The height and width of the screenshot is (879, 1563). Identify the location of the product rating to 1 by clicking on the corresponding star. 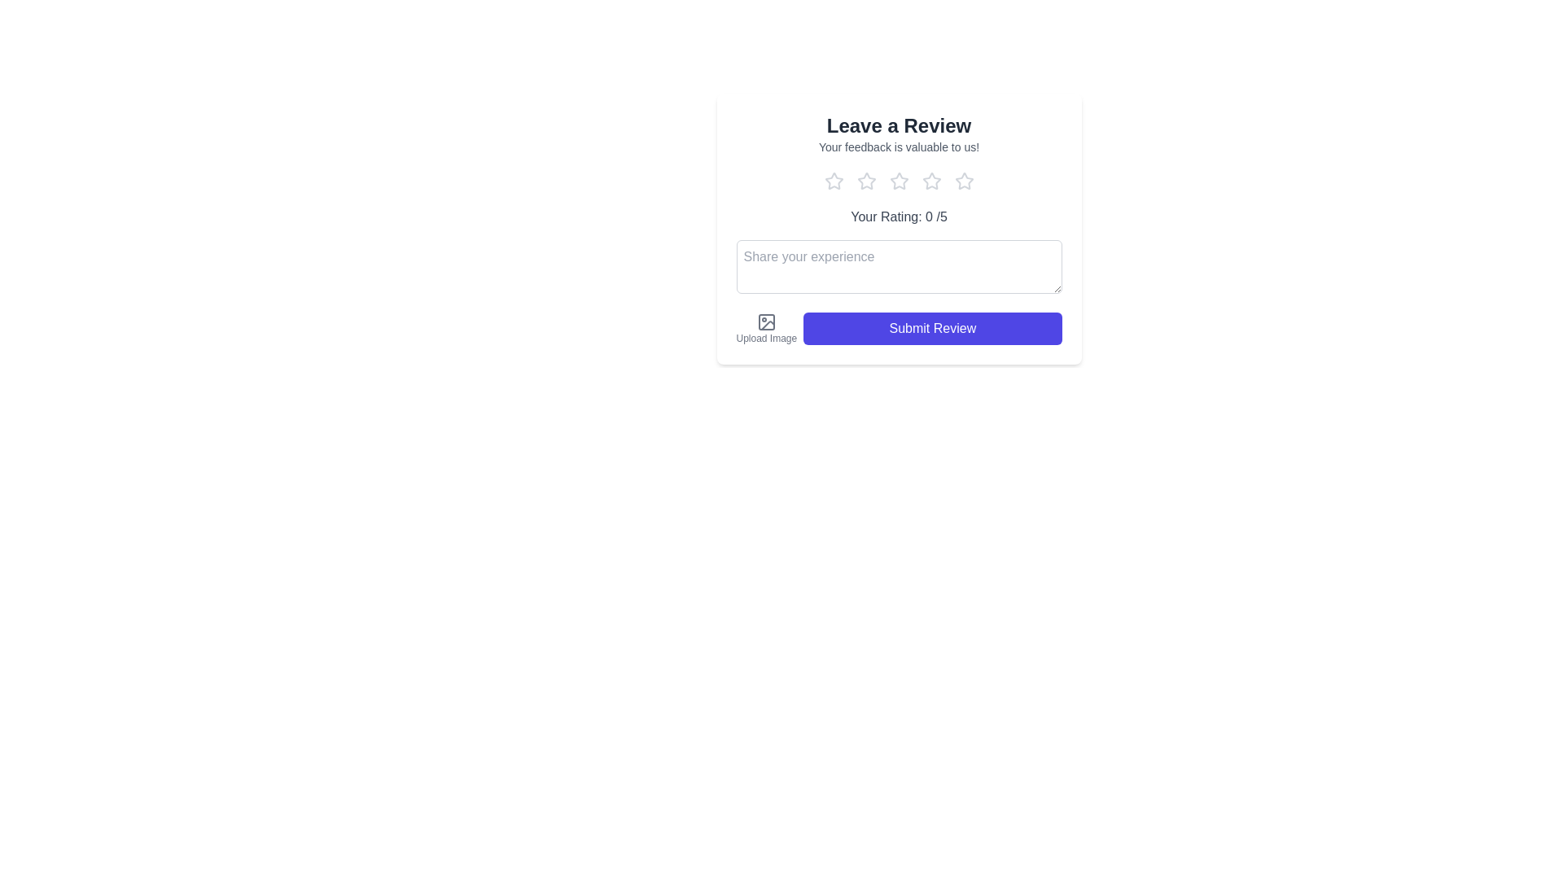
(834, 181).